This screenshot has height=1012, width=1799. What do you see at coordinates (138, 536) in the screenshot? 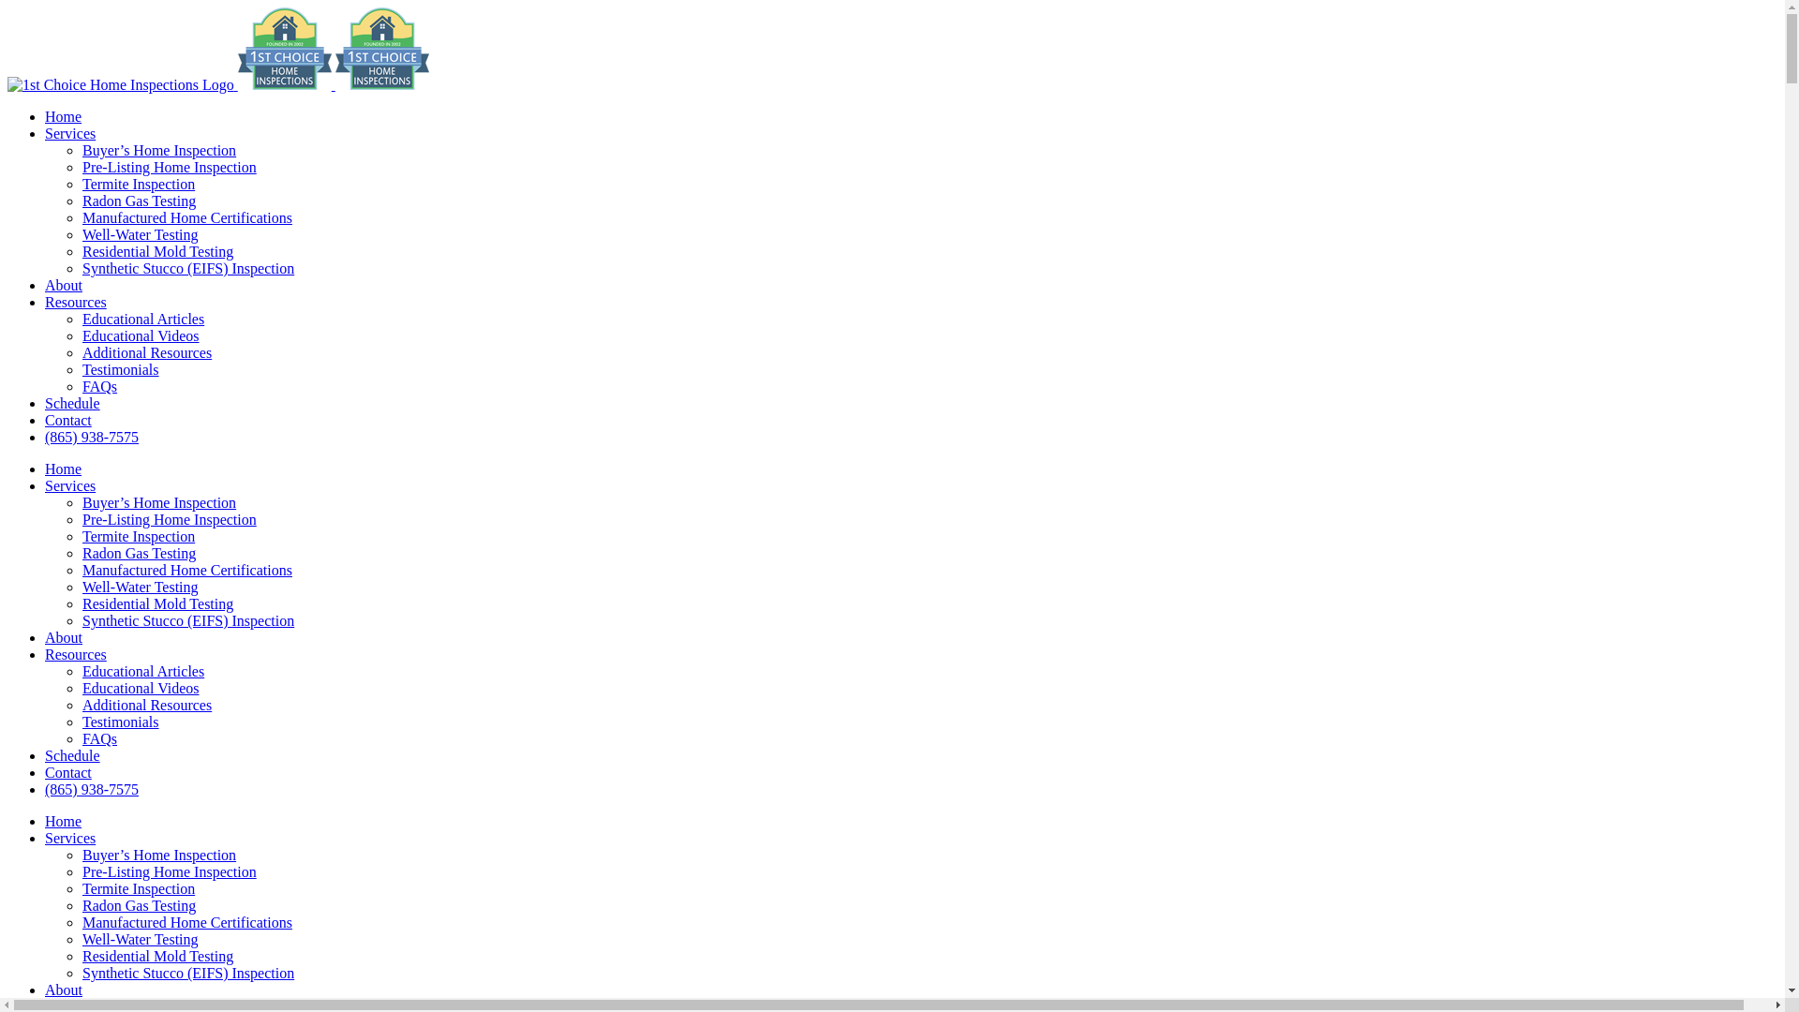
I see `'Termite Inspection'` at bounding box center [138, 536].